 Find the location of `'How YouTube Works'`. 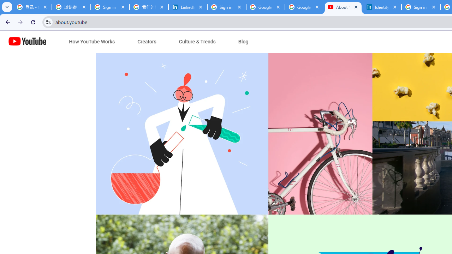

'How YouTube Works' is located at coordinates (91, 42).